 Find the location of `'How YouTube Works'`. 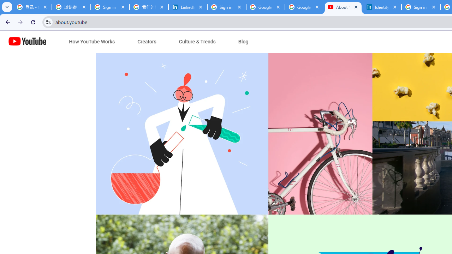

'How YouTube Works' is located at coordinates (91, 42).